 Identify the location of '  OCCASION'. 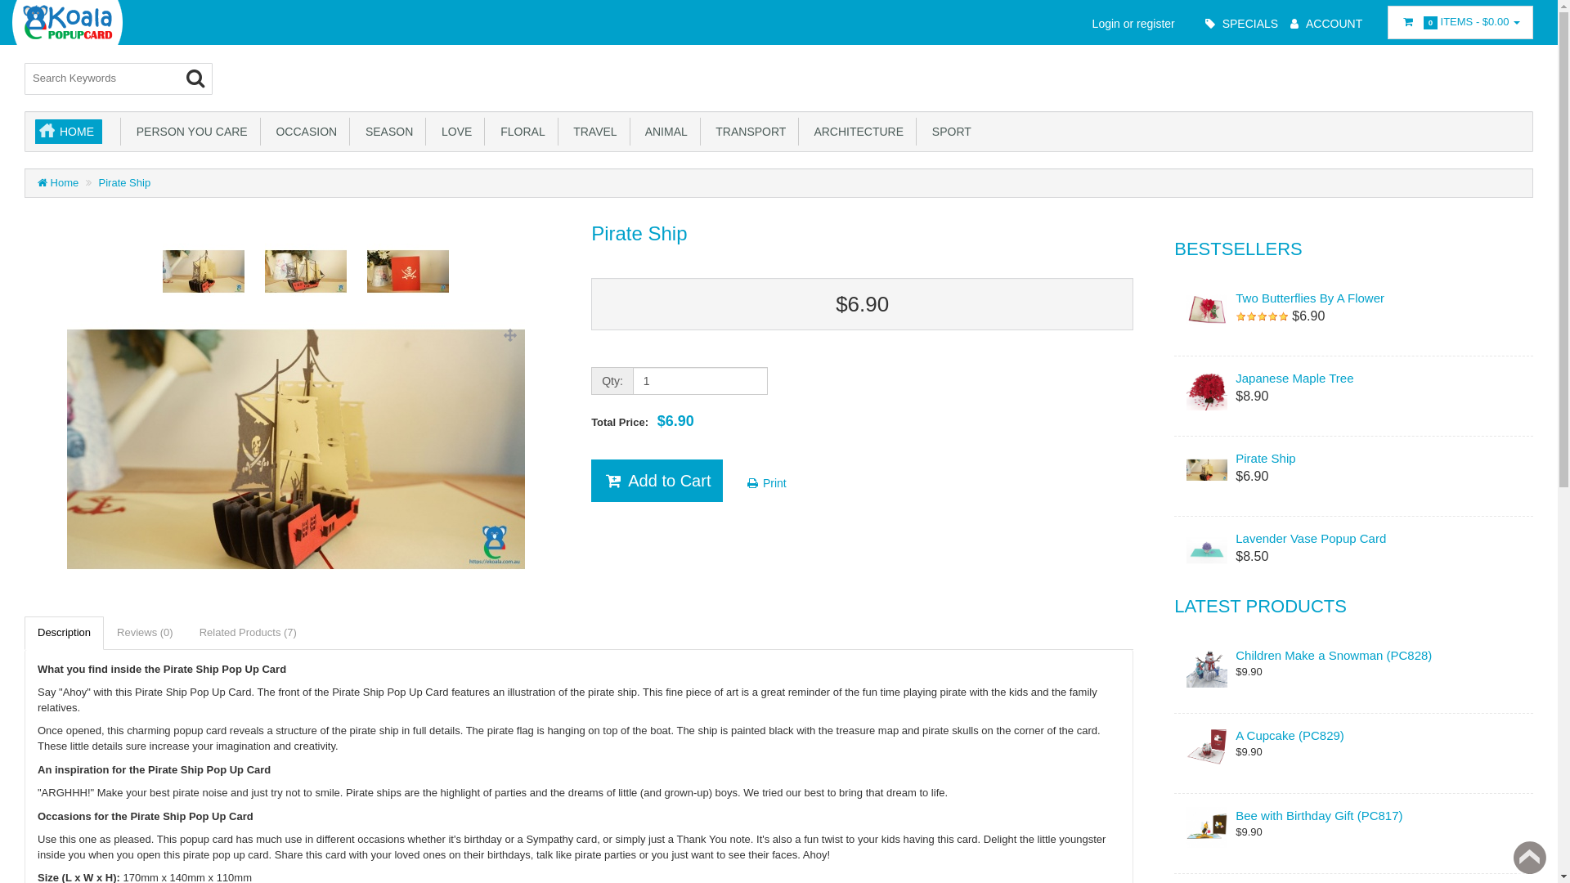
(266, 131).